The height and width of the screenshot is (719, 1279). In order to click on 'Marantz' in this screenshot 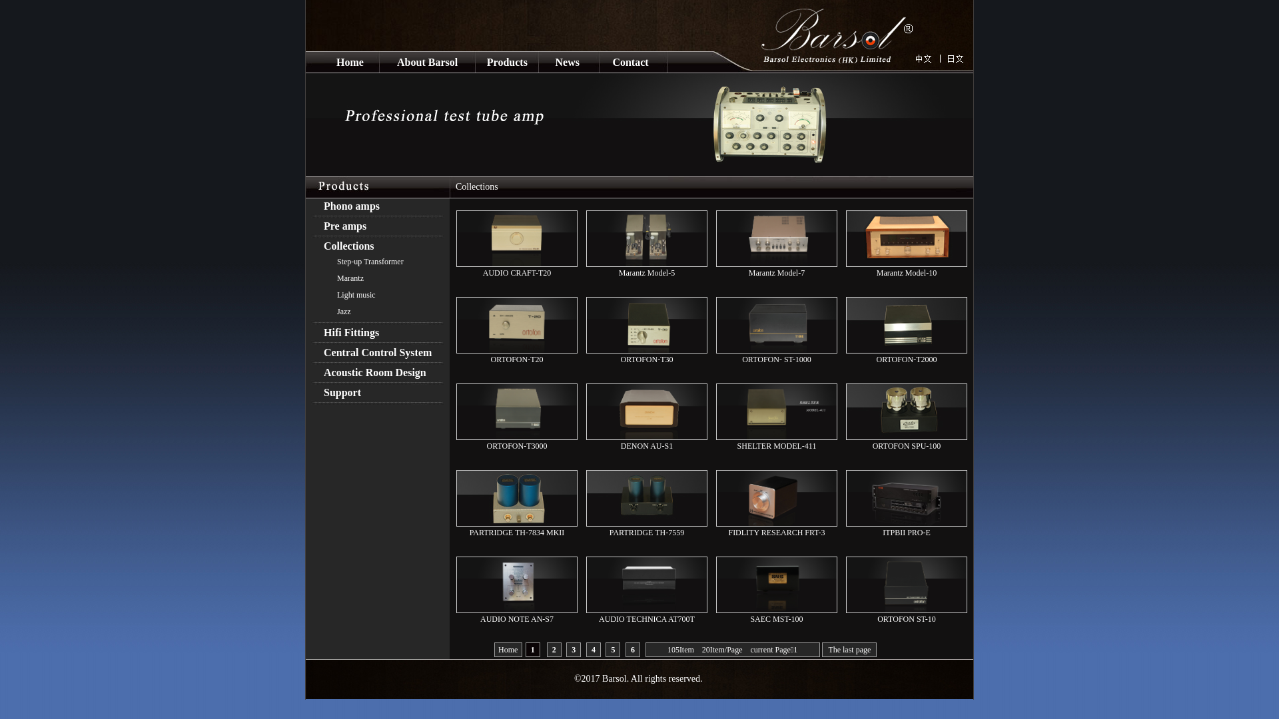, I will do `click(305, 278)`.